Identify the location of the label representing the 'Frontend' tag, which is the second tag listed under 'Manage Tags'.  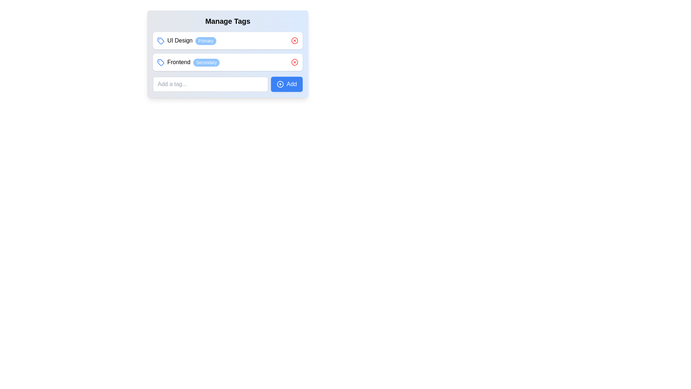
(188, 62).